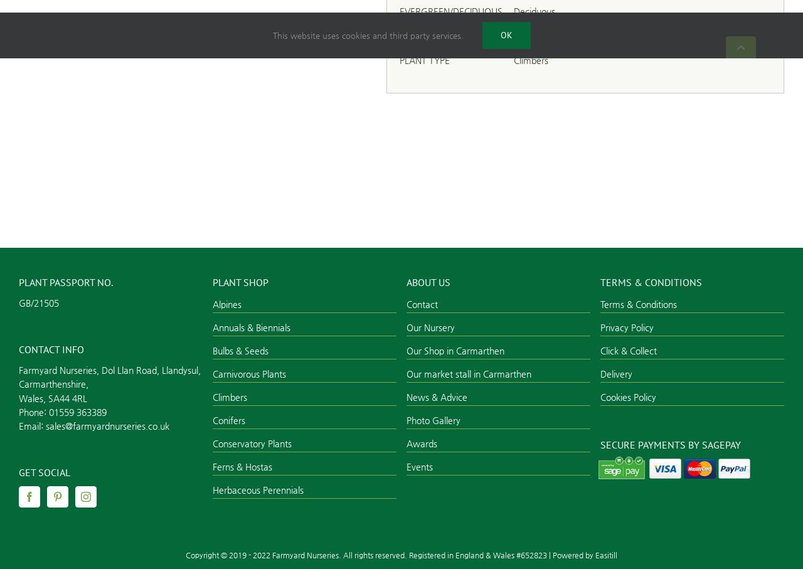  Describe the element at coordinates (109, 376) in the screenshot. I see `'Farmyard Nurseries, Dol Llan Road, Llandysul, Carmarthenshire,'` at that location.